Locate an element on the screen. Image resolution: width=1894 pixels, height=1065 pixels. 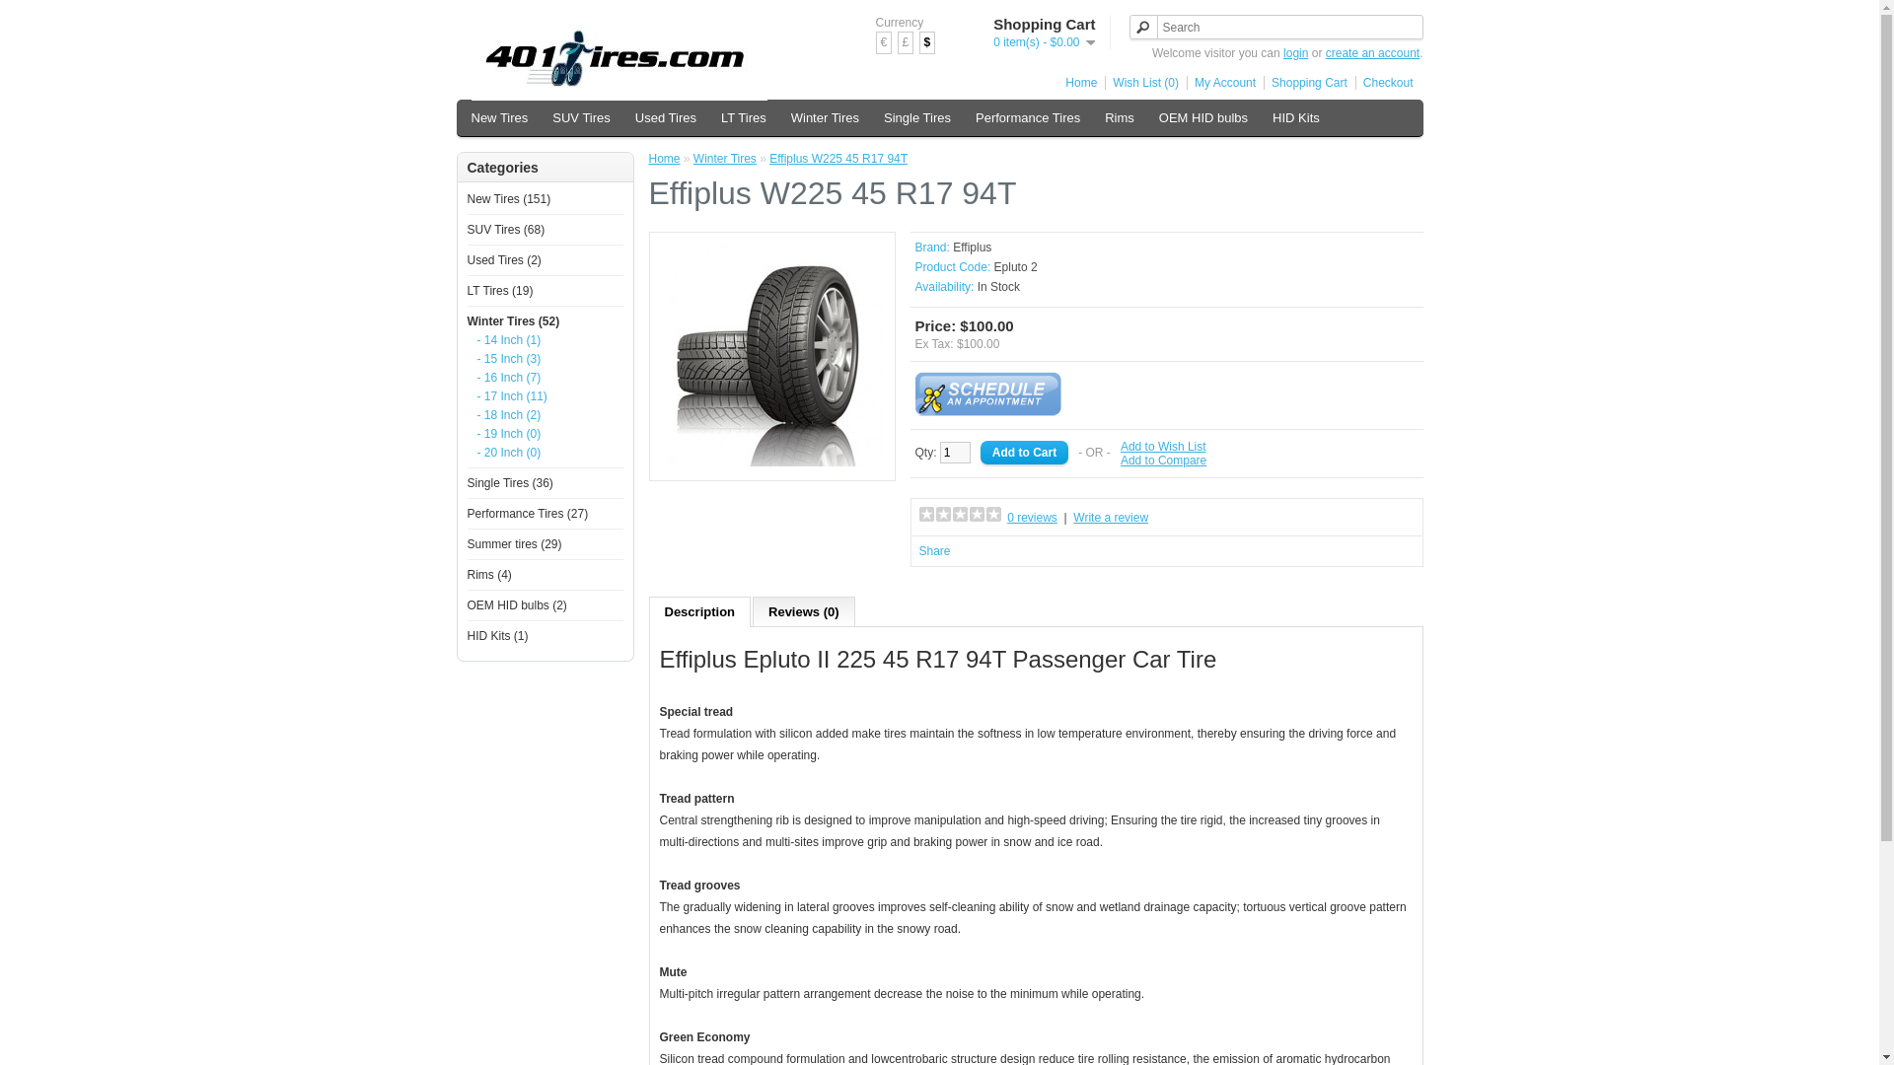
'Performance Tires' is located at coordinates (966, 117).